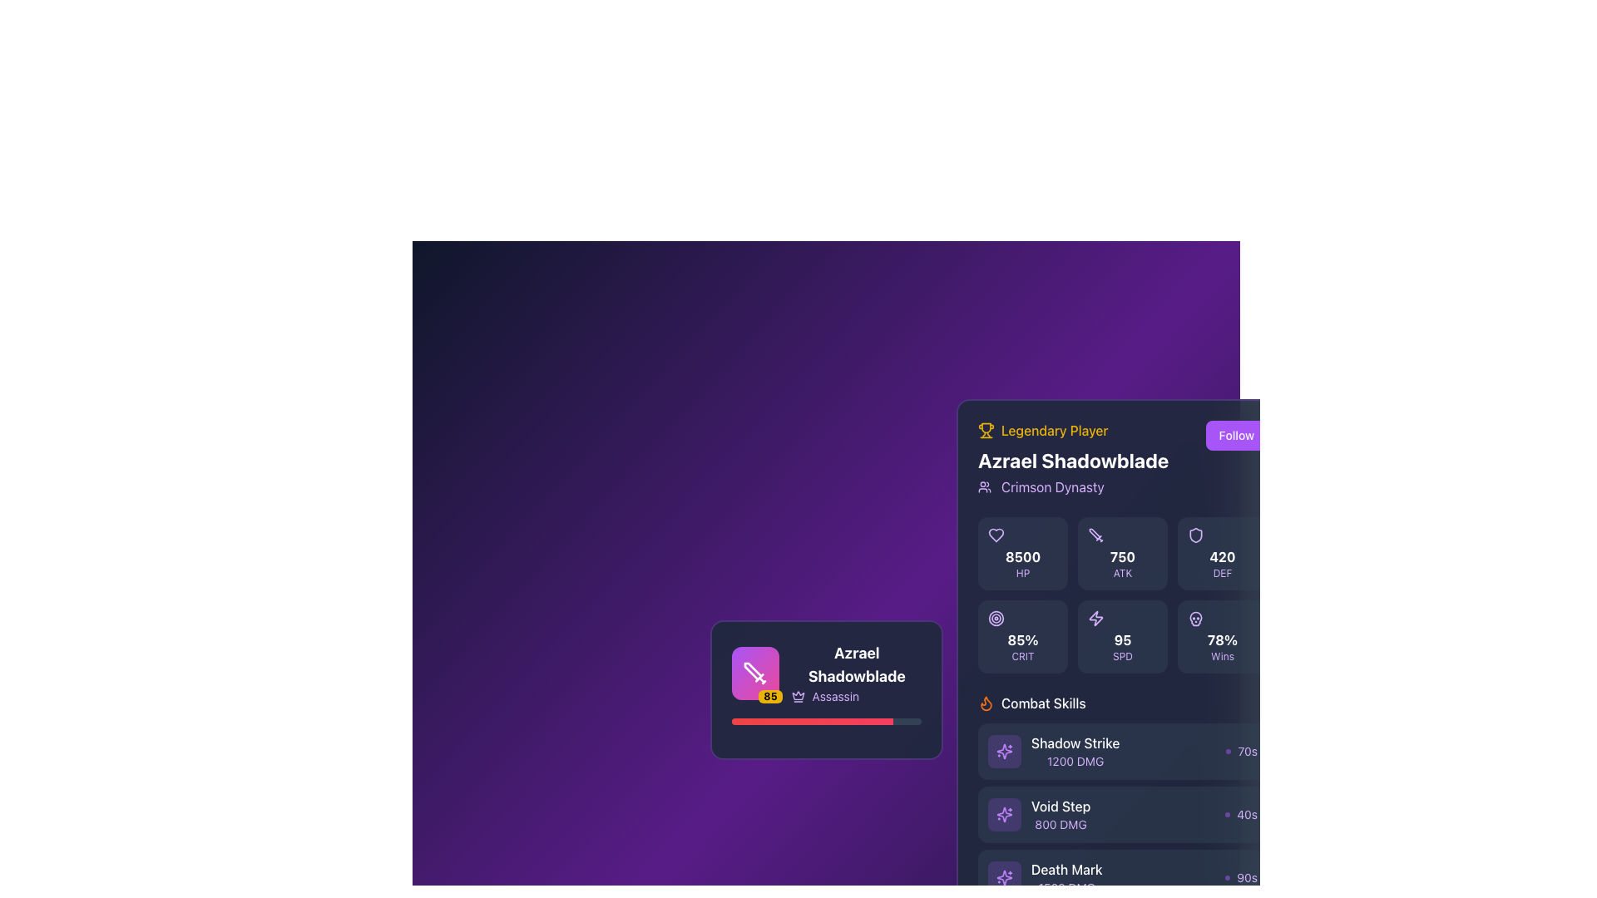  I want to click on descriptive title text label for the skill or item identified as 'Death Mark' that displays '1500 DMG' in the 'Combat Skills' section of the right-side panel, so click(1066, 868).